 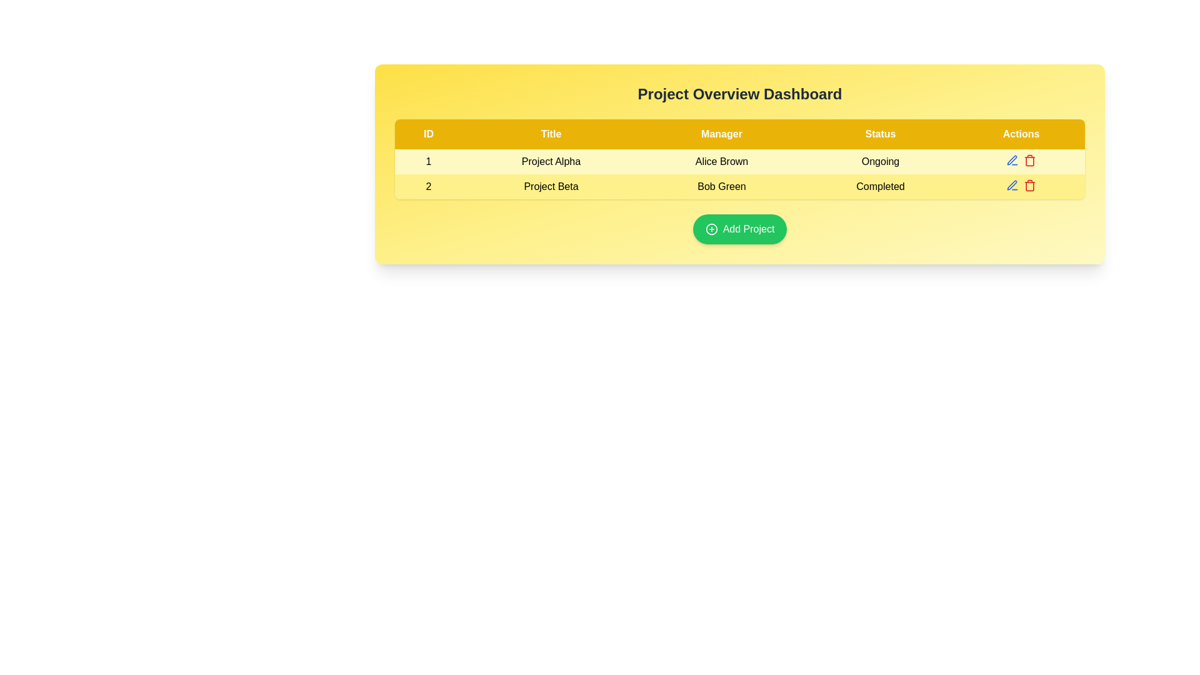 I want to click on the status text label indicating that the project is completed, which is located in the 'Status' column of the second row of the table, adjacent to 'Bob Green' in the 'Manager' column and the action buttons on the right, so click(x=880, y=187).